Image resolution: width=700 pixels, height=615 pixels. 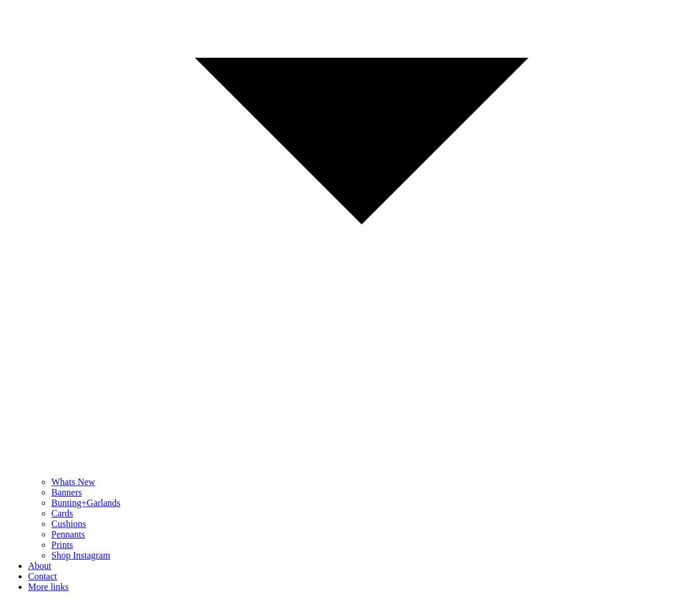 What do you see at coordinates (42, 576) in the screenshot?
I see `'Contact'` at bounding box center [42, 576].